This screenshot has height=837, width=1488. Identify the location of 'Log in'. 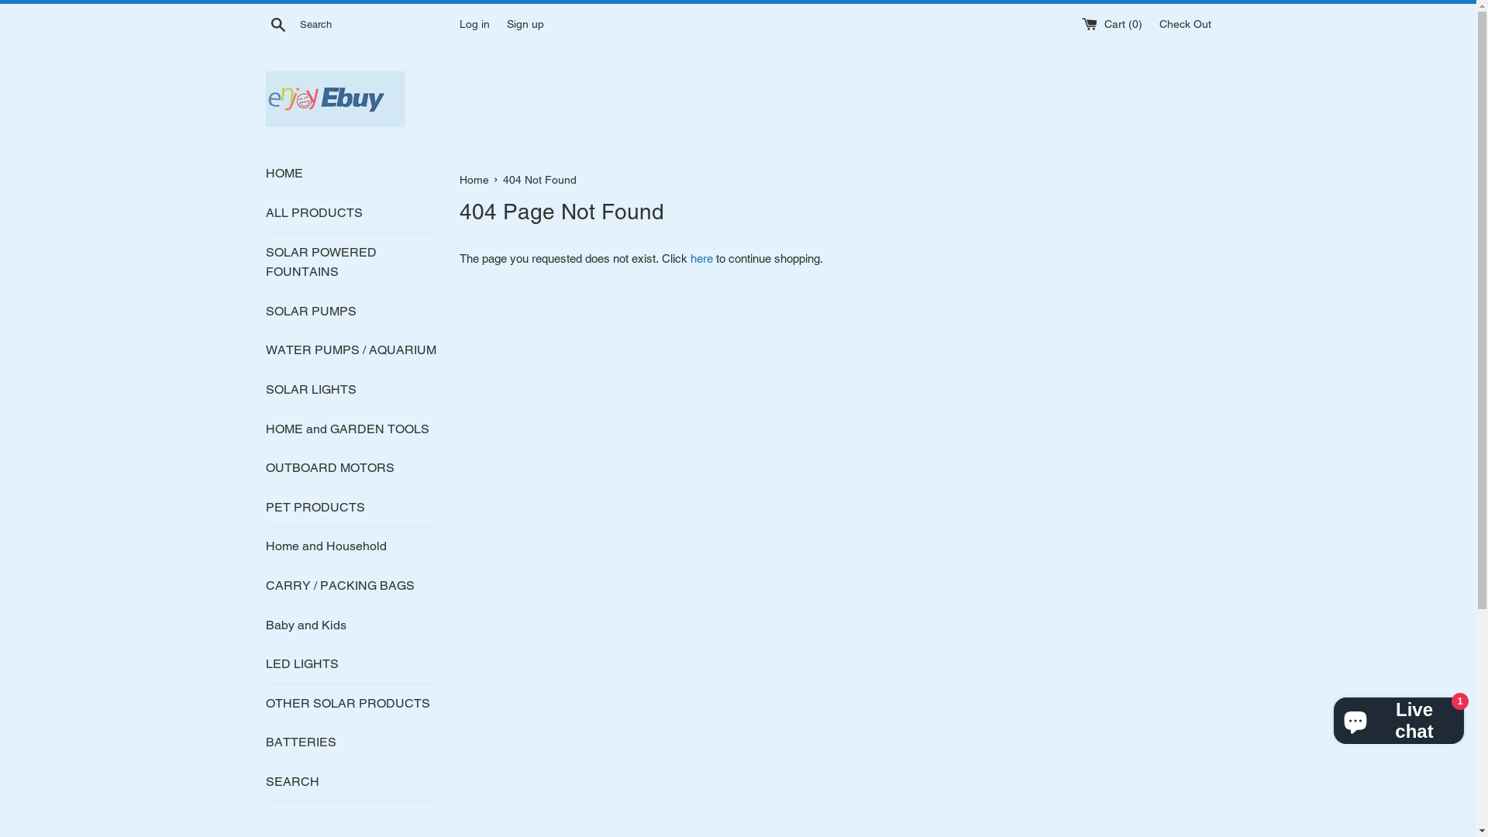
(473, 23).